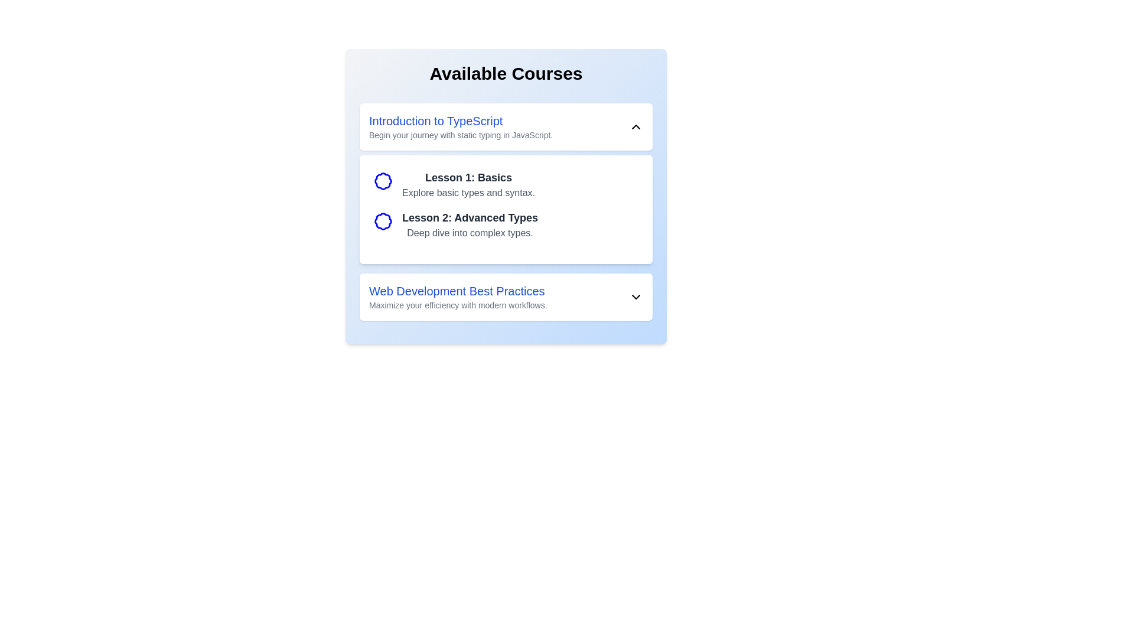  Describe the element at coordinates (460, 134) in the screenshot. I see `the text label that serves as a descriptive subtitle for 'Introduction to TypeScript', positioned directly below the title within a white background rectangular section` at that location.